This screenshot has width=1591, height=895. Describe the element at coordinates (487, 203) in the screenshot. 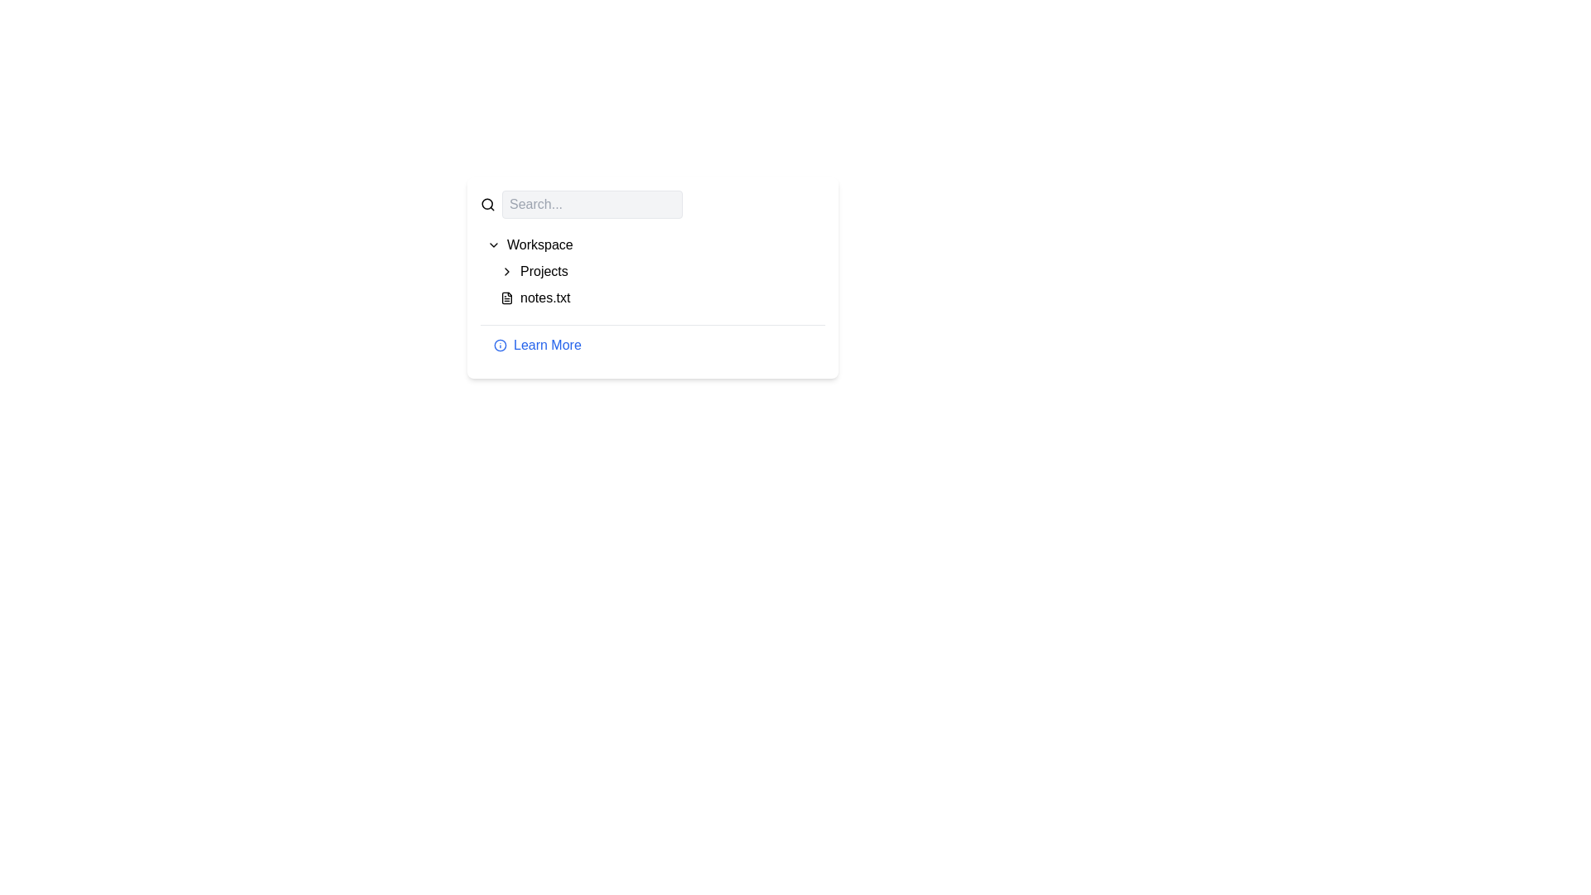

I see `the search icon located at the leftmost position in the horizontal layout` at that location.